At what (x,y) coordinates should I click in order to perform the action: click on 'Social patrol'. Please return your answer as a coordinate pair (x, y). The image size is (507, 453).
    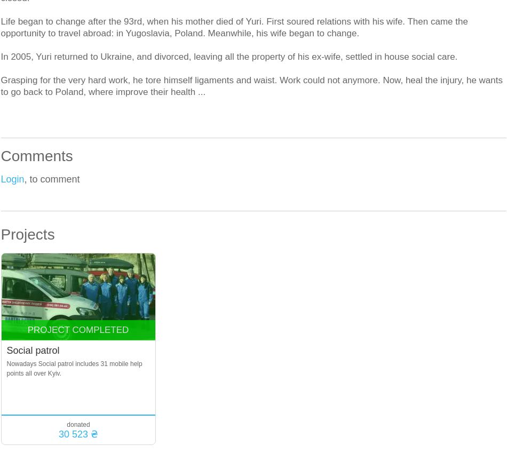
    Looking at the image, I should click on (6, 351).